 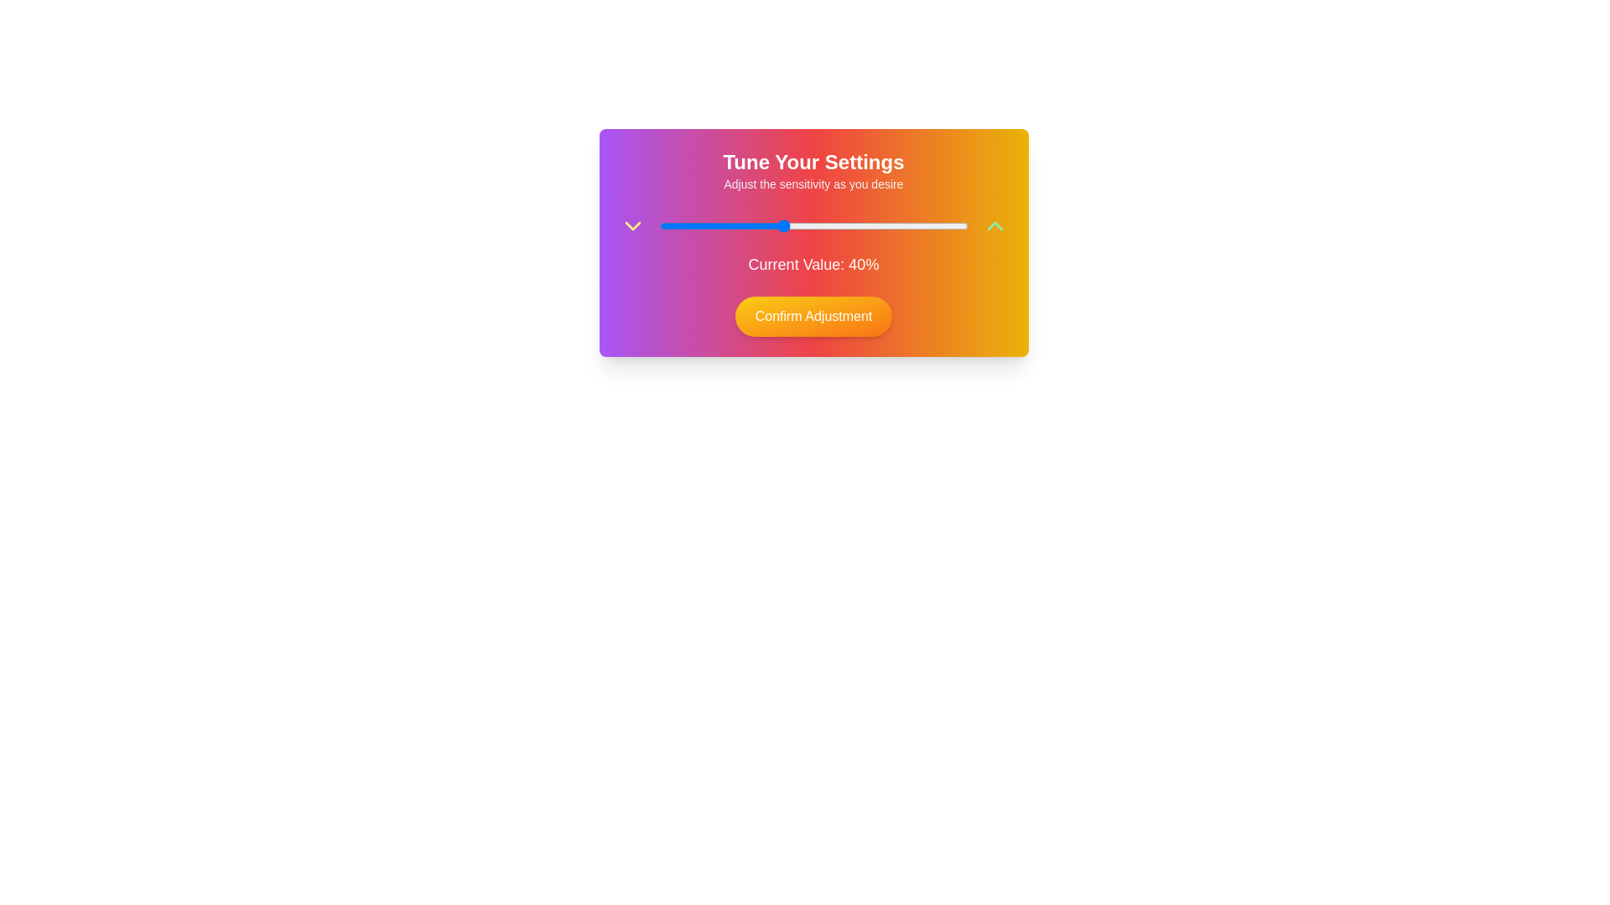 I want to click on the slider to set the value to 38, so click(x=776, y=226).